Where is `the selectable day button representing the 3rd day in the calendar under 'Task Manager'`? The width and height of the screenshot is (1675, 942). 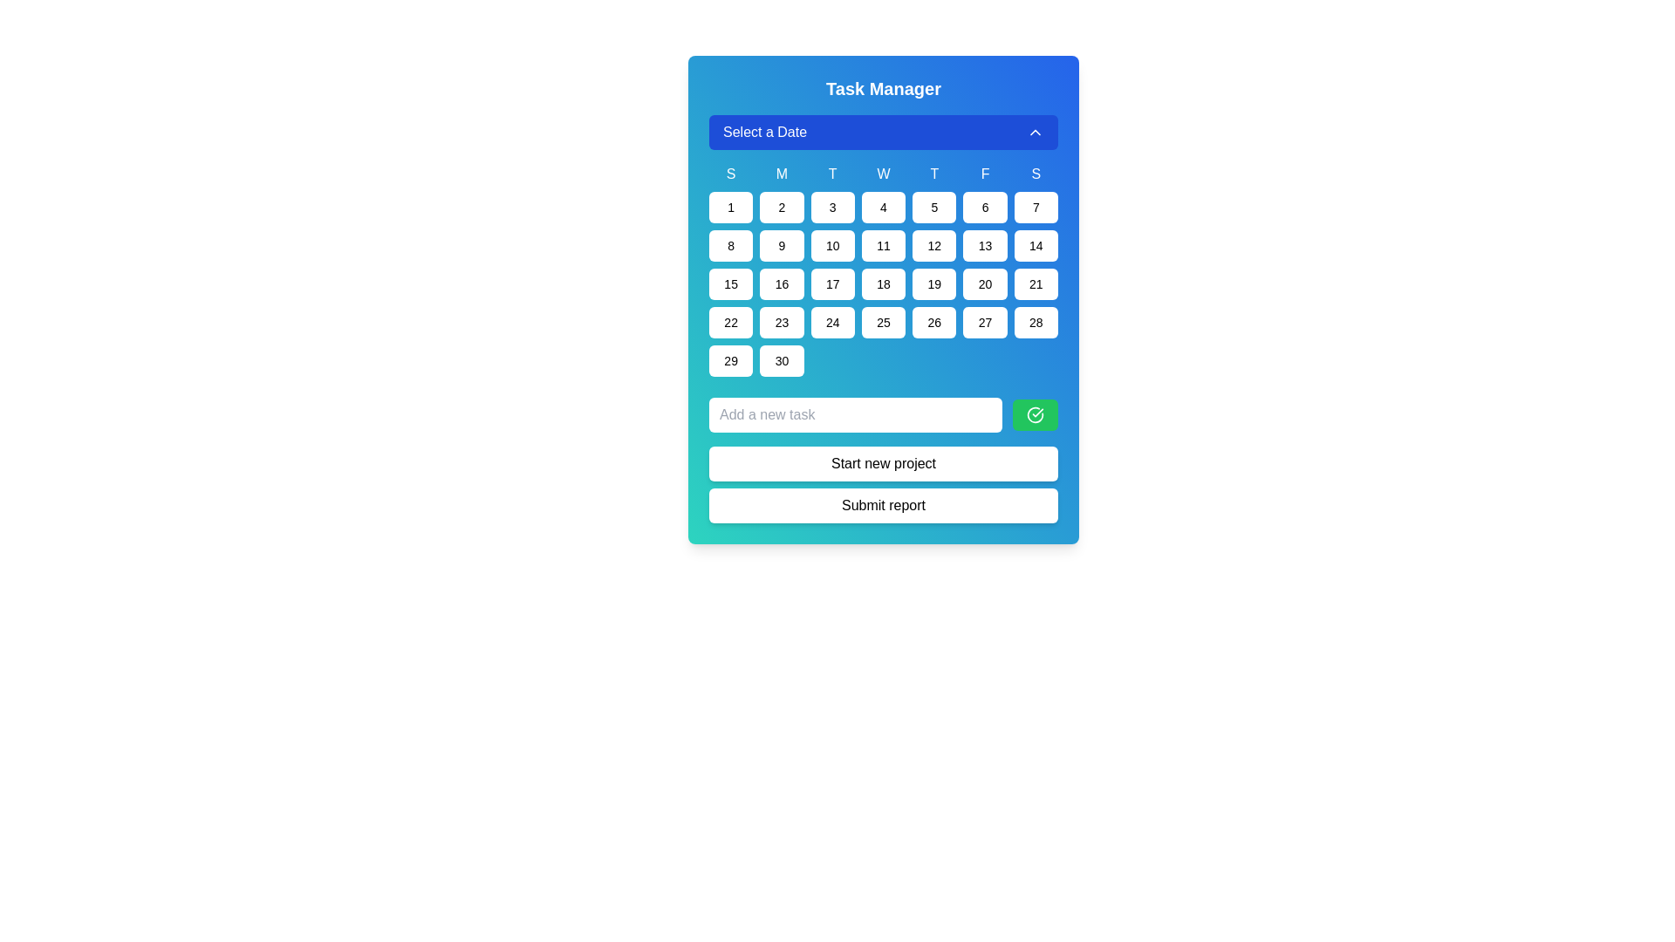
the selectable day button representing the 3rd day in the calendar under 'Task Manager' is located at coordinates (831, 207).